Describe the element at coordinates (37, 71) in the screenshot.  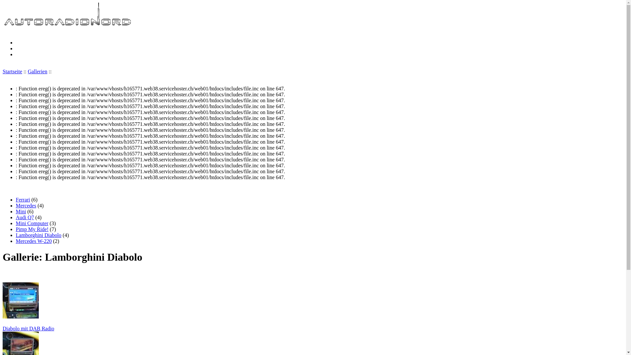
I see `'Gallerien'` at that location.